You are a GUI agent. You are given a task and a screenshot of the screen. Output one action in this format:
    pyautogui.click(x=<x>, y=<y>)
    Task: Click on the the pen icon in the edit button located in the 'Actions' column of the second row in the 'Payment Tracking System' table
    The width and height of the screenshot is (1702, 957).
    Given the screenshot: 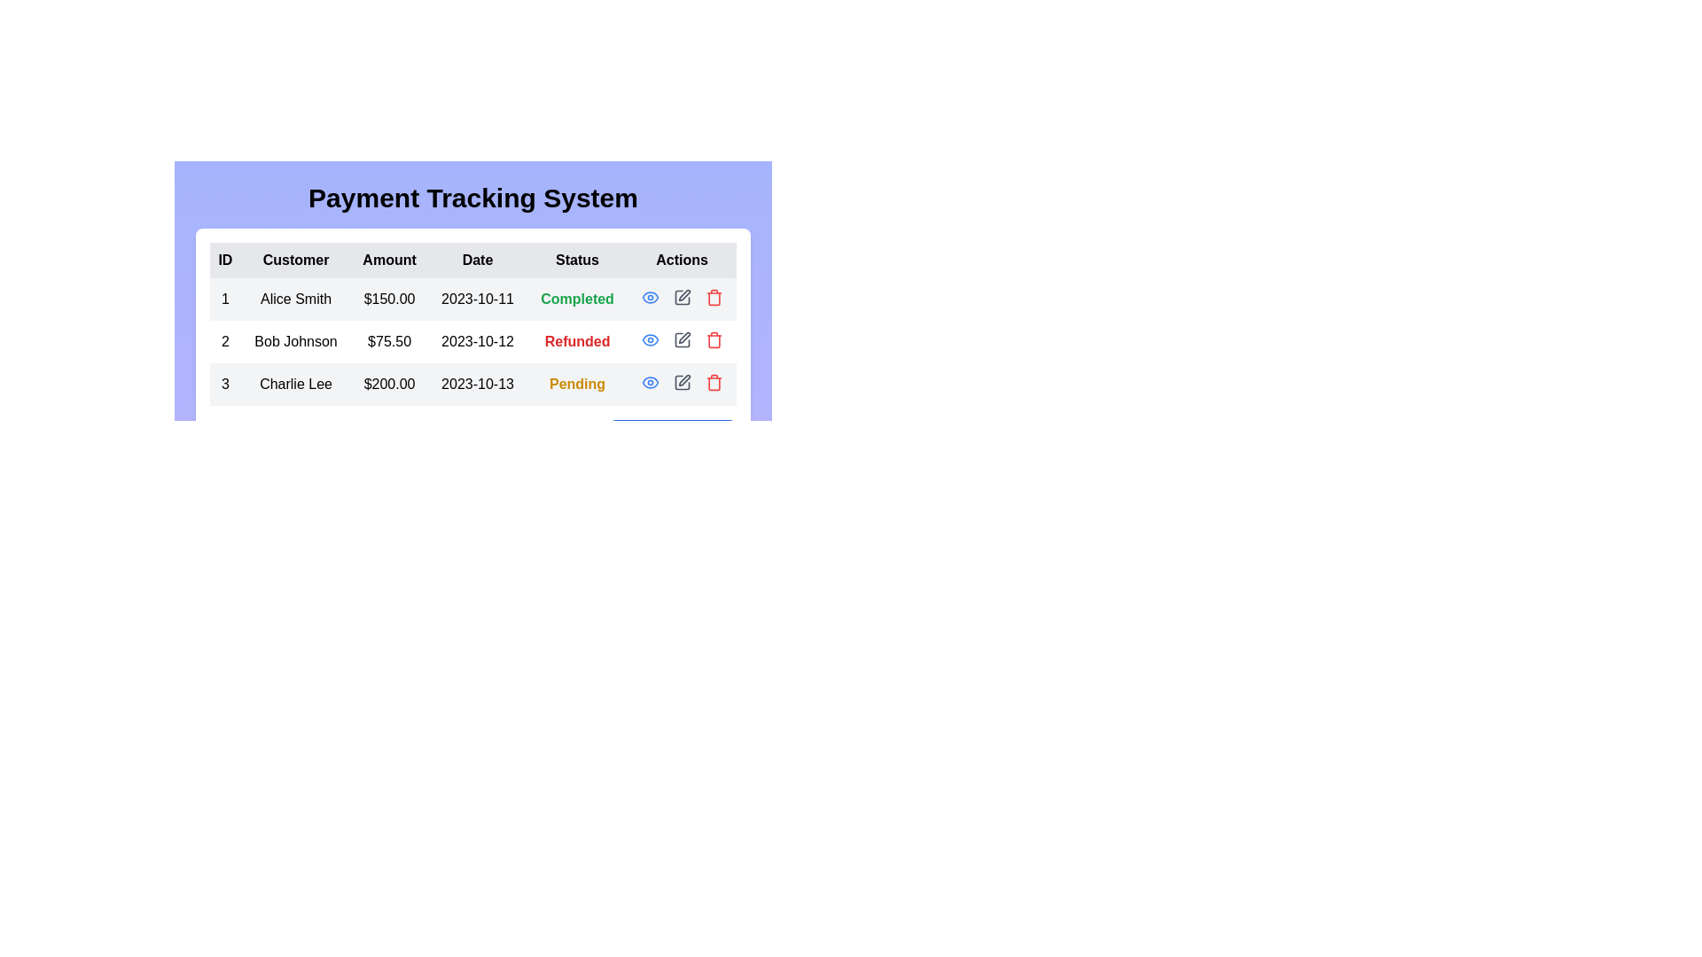 What is the action you would take?
    pyautogui.click(x=683, y=338)
    